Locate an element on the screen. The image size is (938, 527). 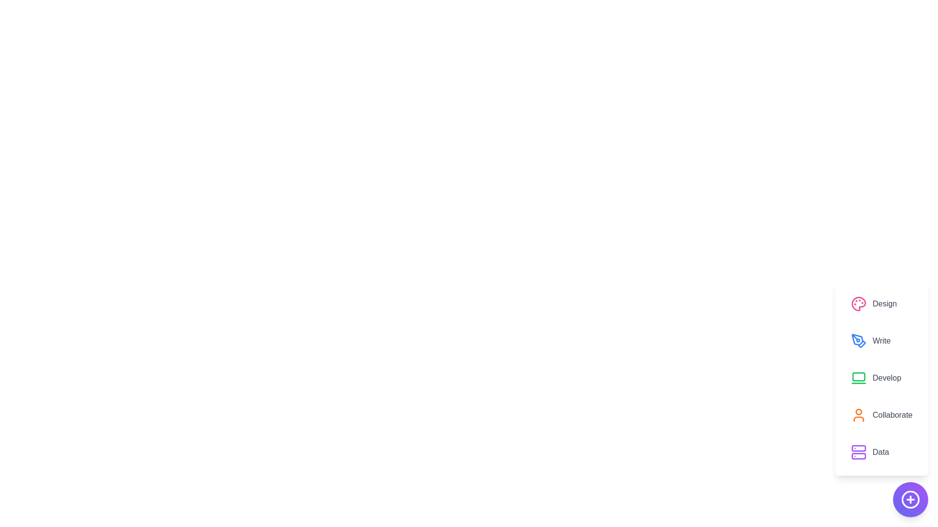
the option labeled Write to preview its effect is located at coordinates (881, 340).